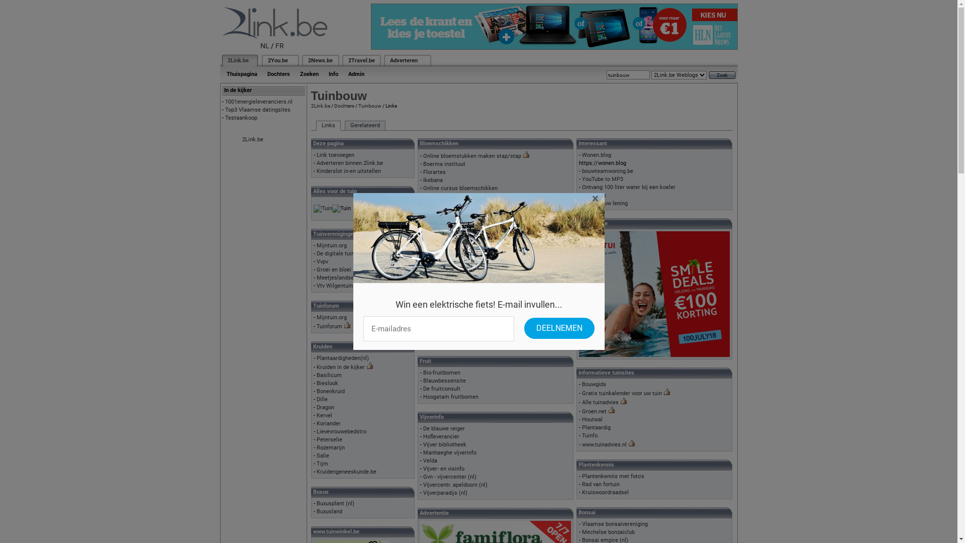 The height and width of the screenshot is (543, 965). What do you see at coordinates (241, 73) in the screenshot?
I see `'Thuispagina'` at bounding box center [241, 73].